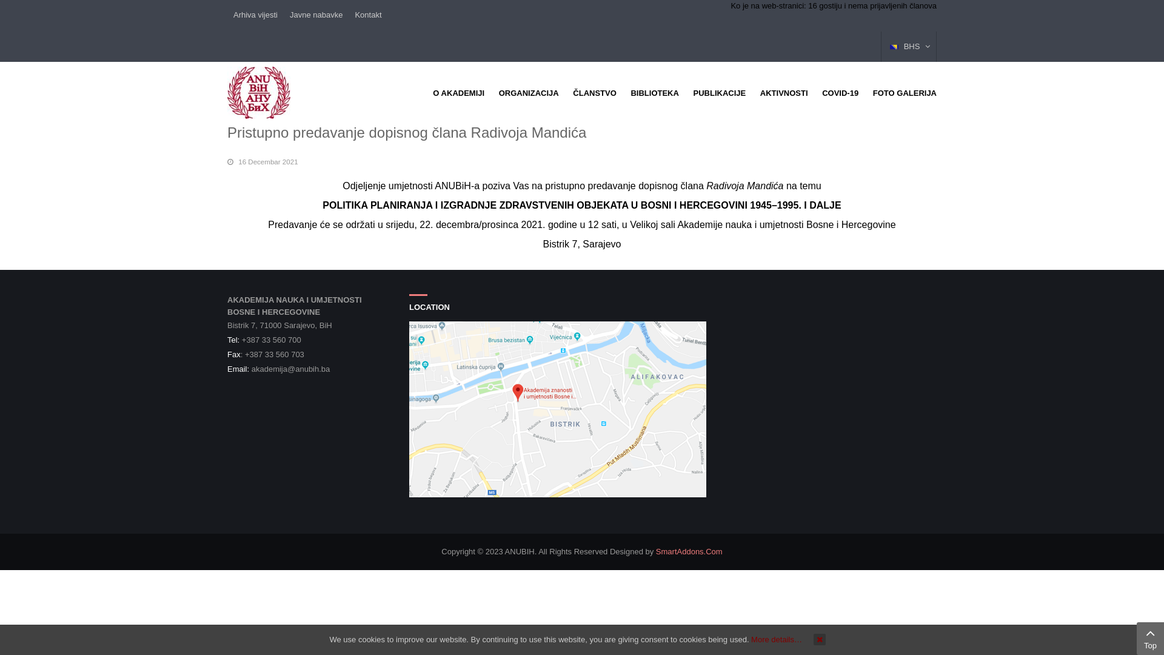  Describe the element at coordinates (458, 93) in the screenshot. I see `'O AKADEMIJI'` at that location.